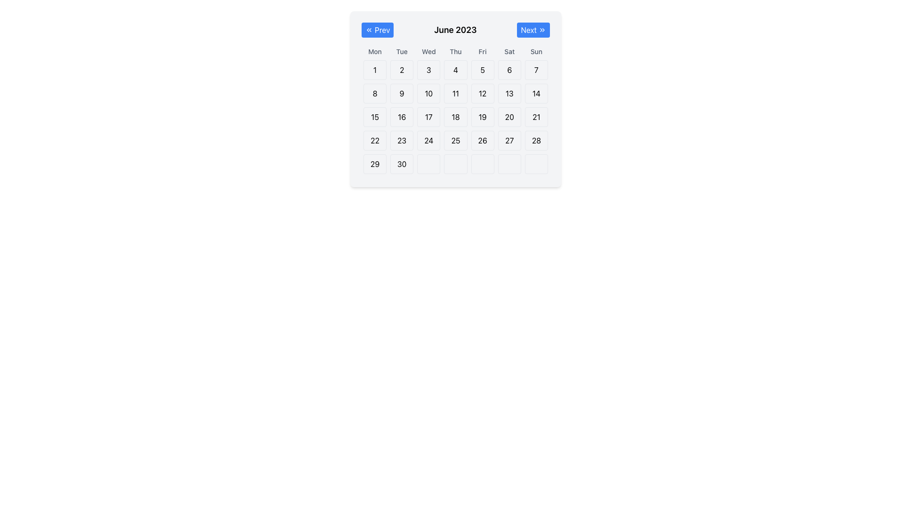 The width and height of the screenshot is (904, 508). I want to click on the selectable date button representing the date '18' in the calendar interface, so click(456, 117).